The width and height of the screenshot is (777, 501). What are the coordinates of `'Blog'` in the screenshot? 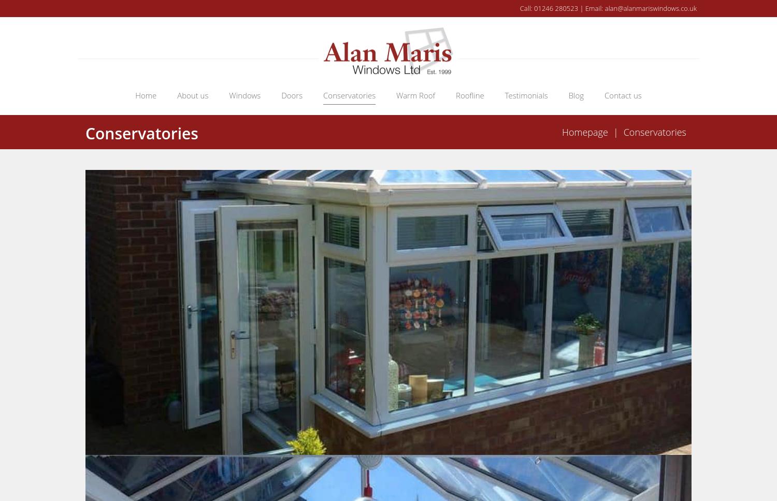 It's located at (567, 94).